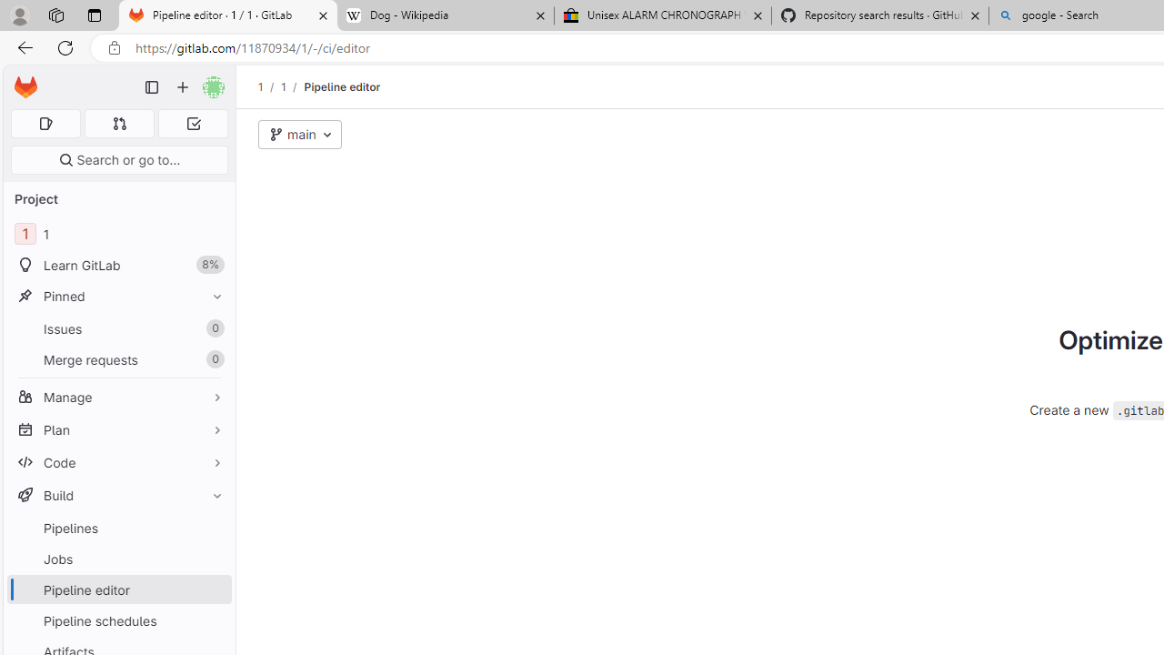 This screenshot has height=655, width=1164. What do you see at coordinates (118, 328) in the screenshot?
I see `'Issues0'` at bounding box center [118, 328].